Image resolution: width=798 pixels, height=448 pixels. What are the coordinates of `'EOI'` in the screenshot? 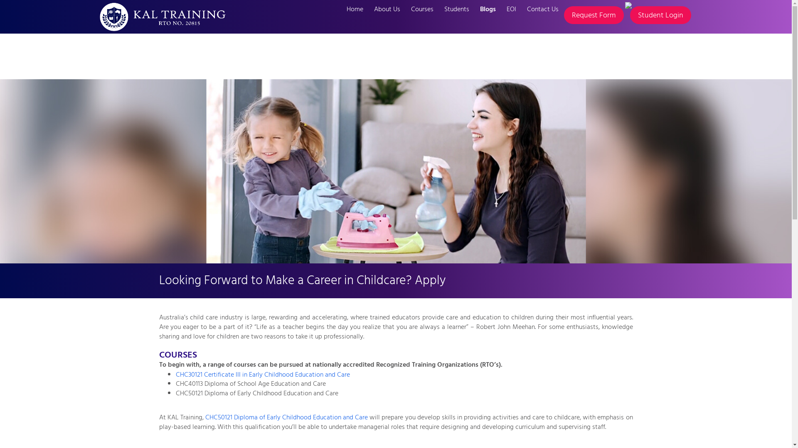 It's located at (511, 9).